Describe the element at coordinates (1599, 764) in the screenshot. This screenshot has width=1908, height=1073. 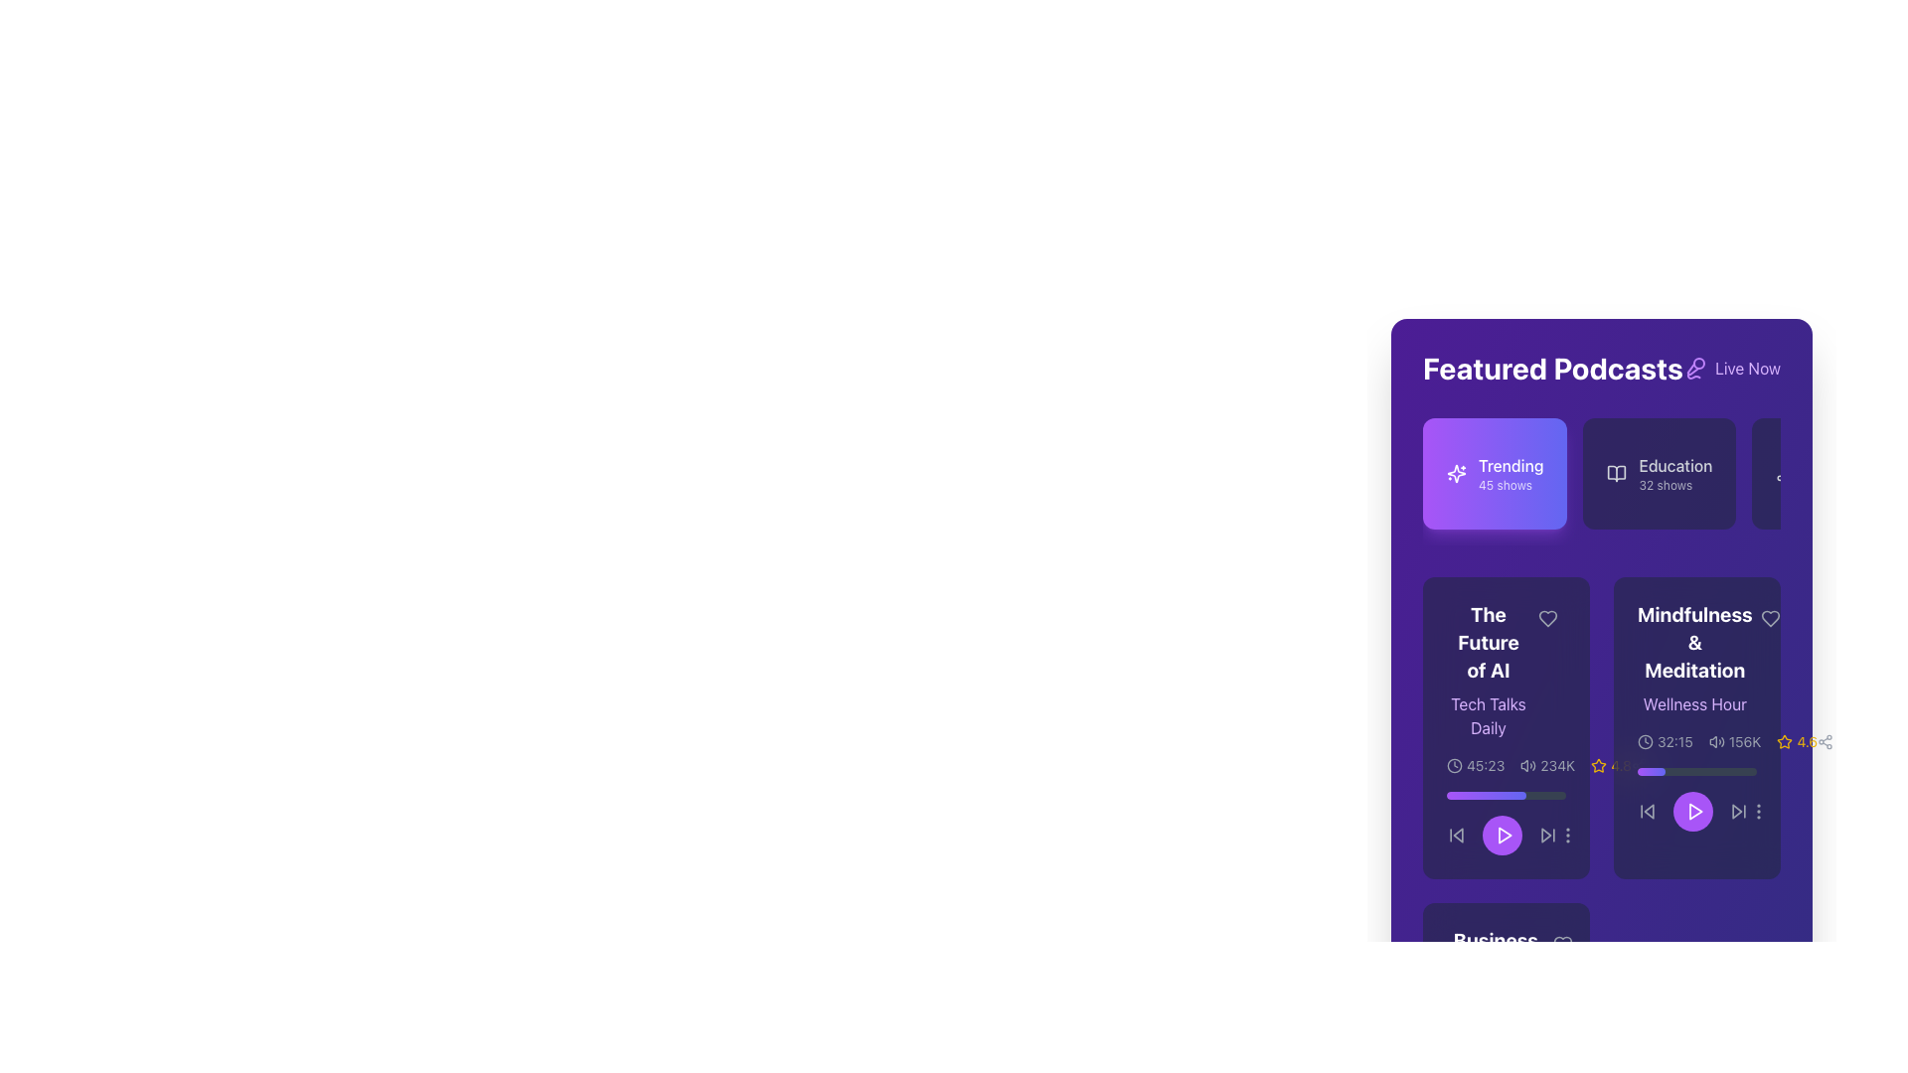
I see `the star-shaped icon with a yellow fill and black outline, located to the right of the numerical rating '4.6' in the podcast details segment` at that location.